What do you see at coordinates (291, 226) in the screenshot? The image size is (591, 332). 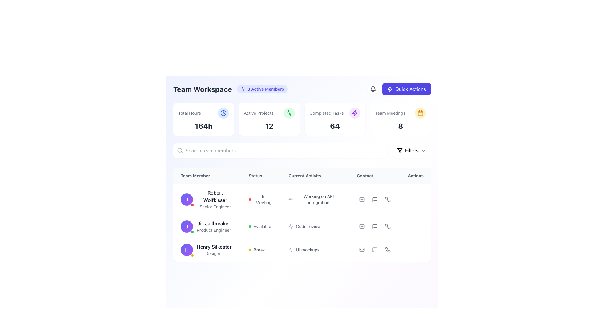 I see `and interpret the icon associated with the 'Code review' activity, which is styled with a thin outline and positioned in the second row of the 'Current Activity' column` at bounding box center [291, 226].